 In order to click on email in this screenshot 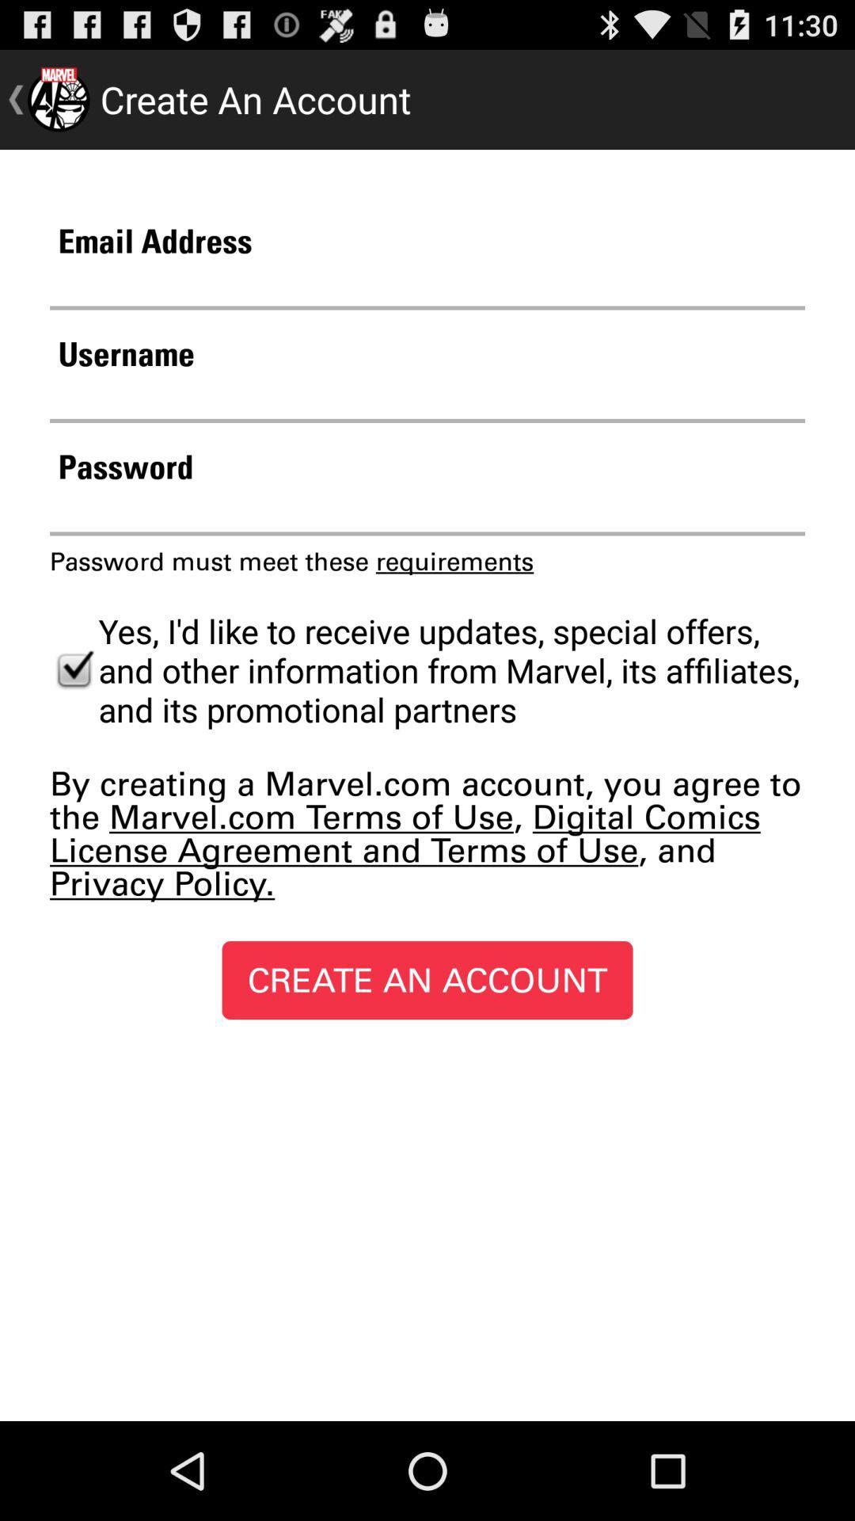, I will do `click(427, 285)`.